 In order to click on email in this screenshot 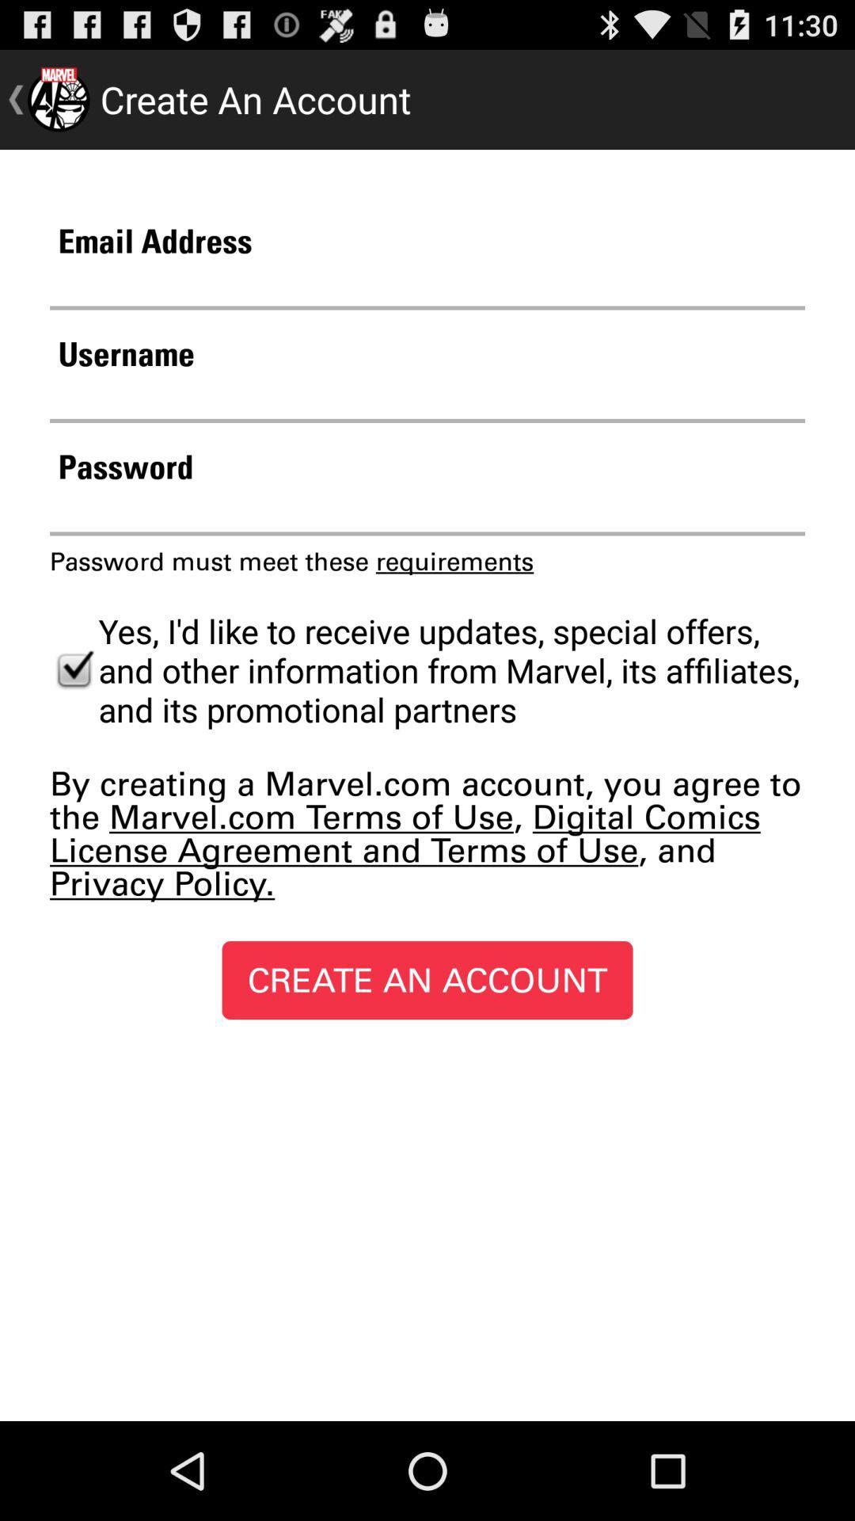, I will do `click(427, 285)`.